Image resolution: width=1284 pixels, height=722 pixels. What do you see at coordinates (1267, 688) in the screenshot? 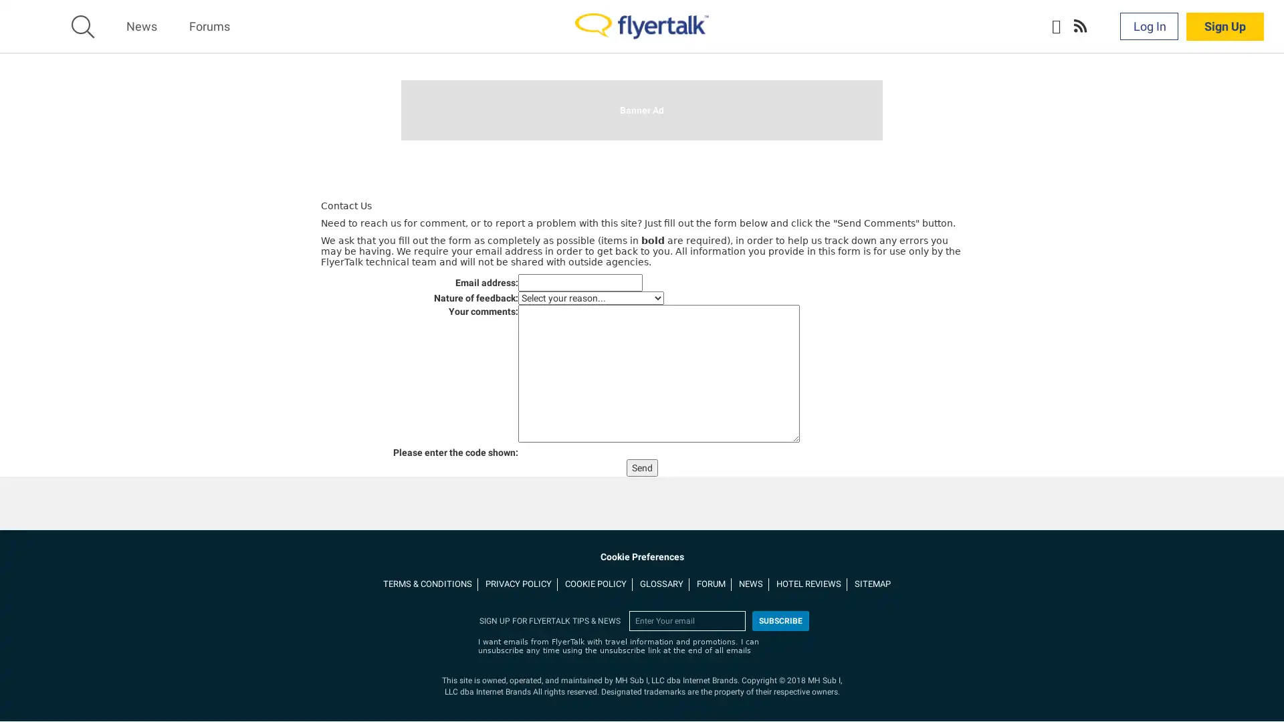
I see `Close` at bounding box center [1267, 688].